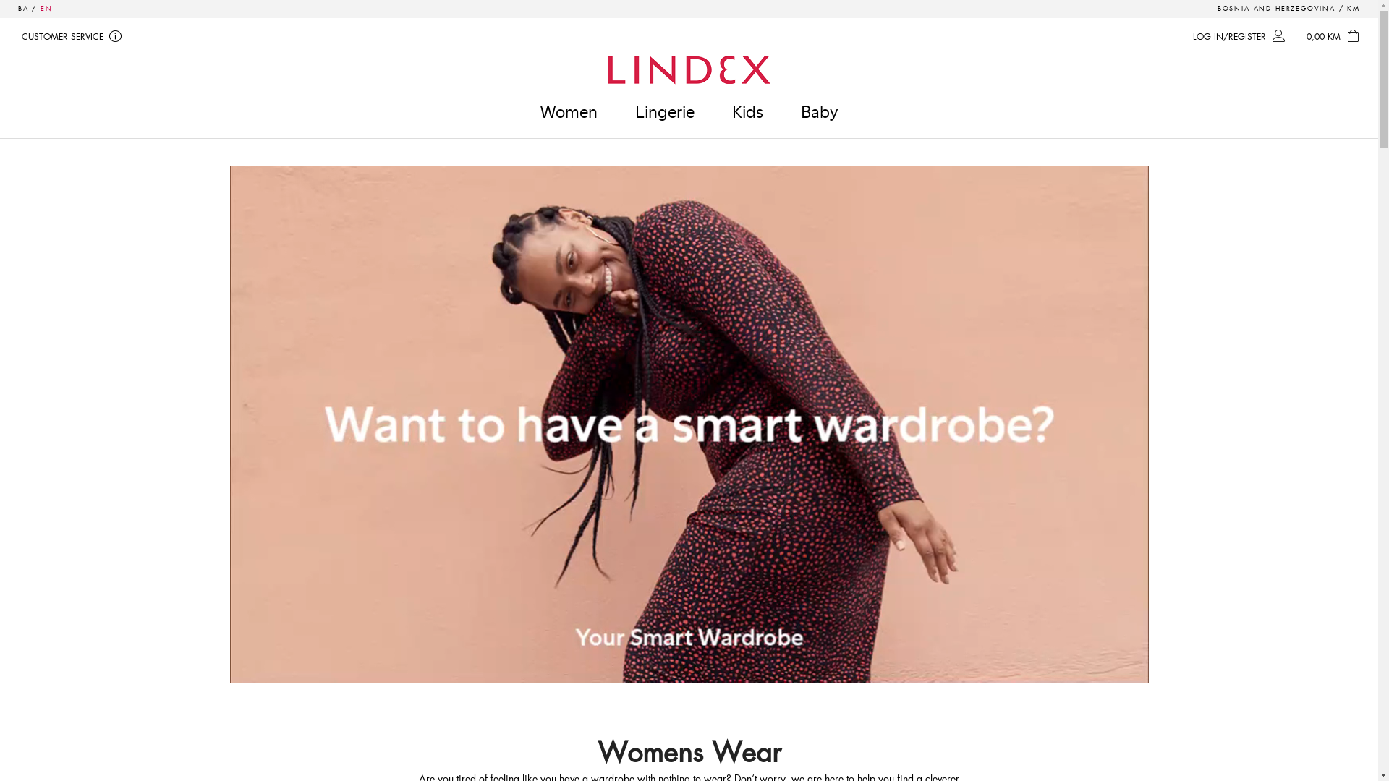 This screenshot has width=1389, height=781. Describe the element at coordinates (568, 111) in the screenshot. I see `'Women'` at that location.